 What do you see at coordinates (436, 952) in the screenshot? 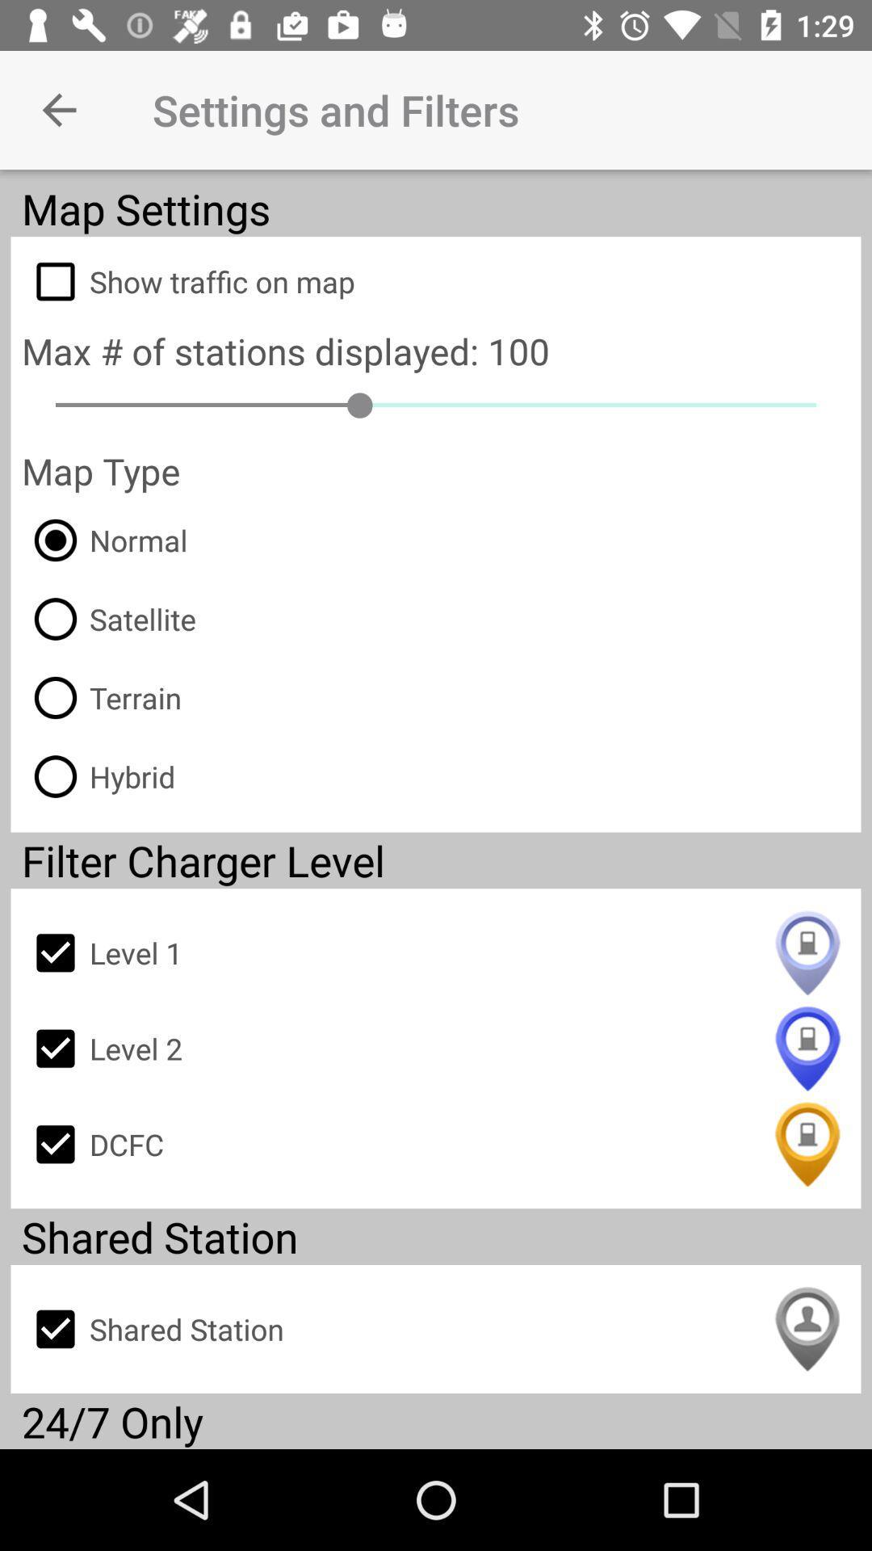
I see `the level 1 item` at bounding box center [436, 952].